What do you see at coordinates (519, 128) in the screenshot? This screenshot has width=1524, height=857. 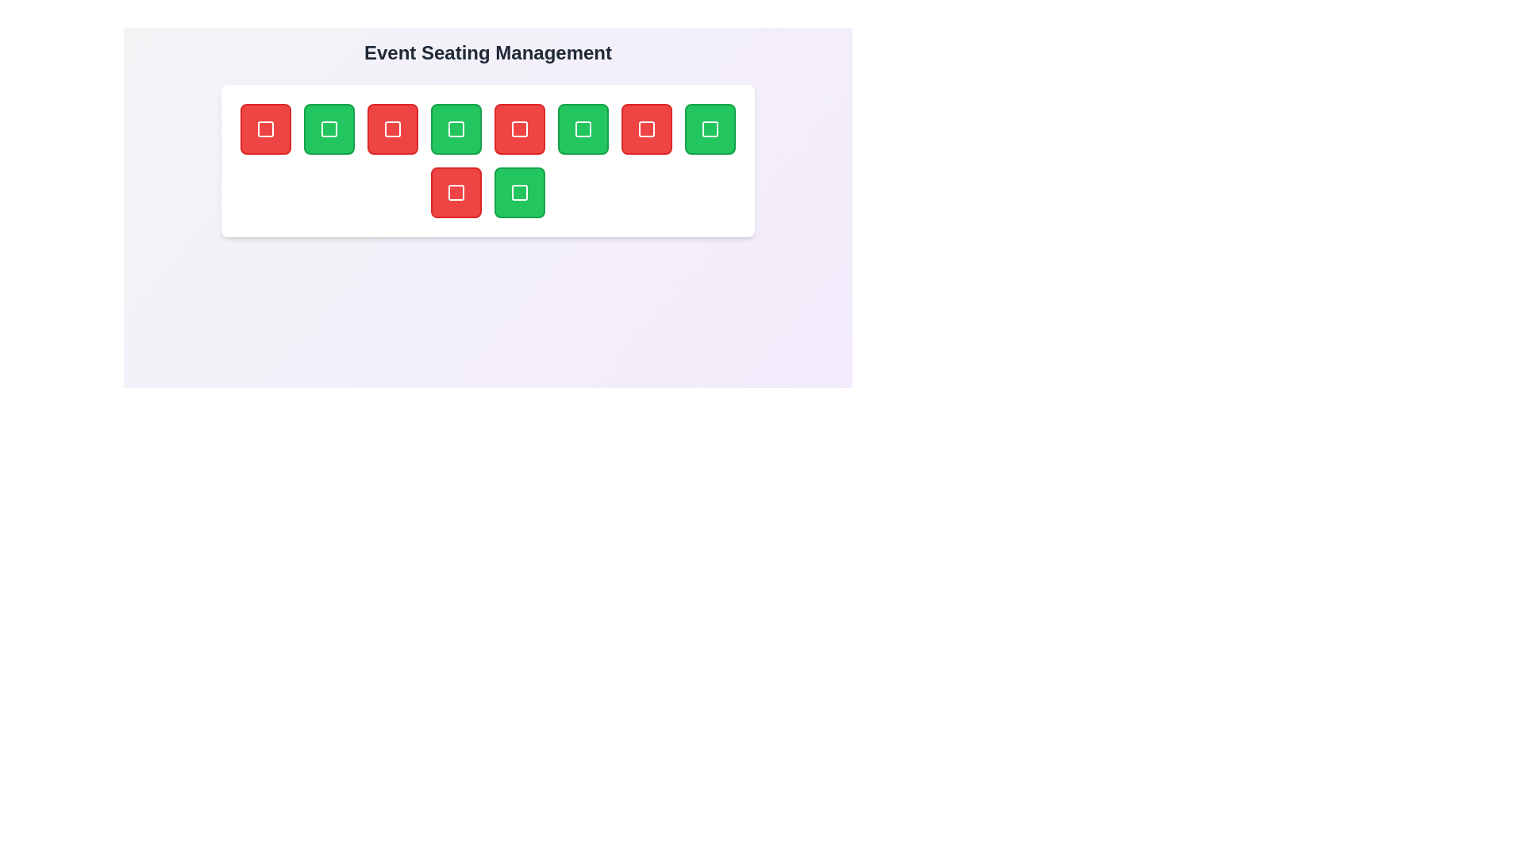 I see `the fifth interactive selectable button (seat representation) with a vibrant red background and white border to reset its selection state` at bounding box center [519, 128].